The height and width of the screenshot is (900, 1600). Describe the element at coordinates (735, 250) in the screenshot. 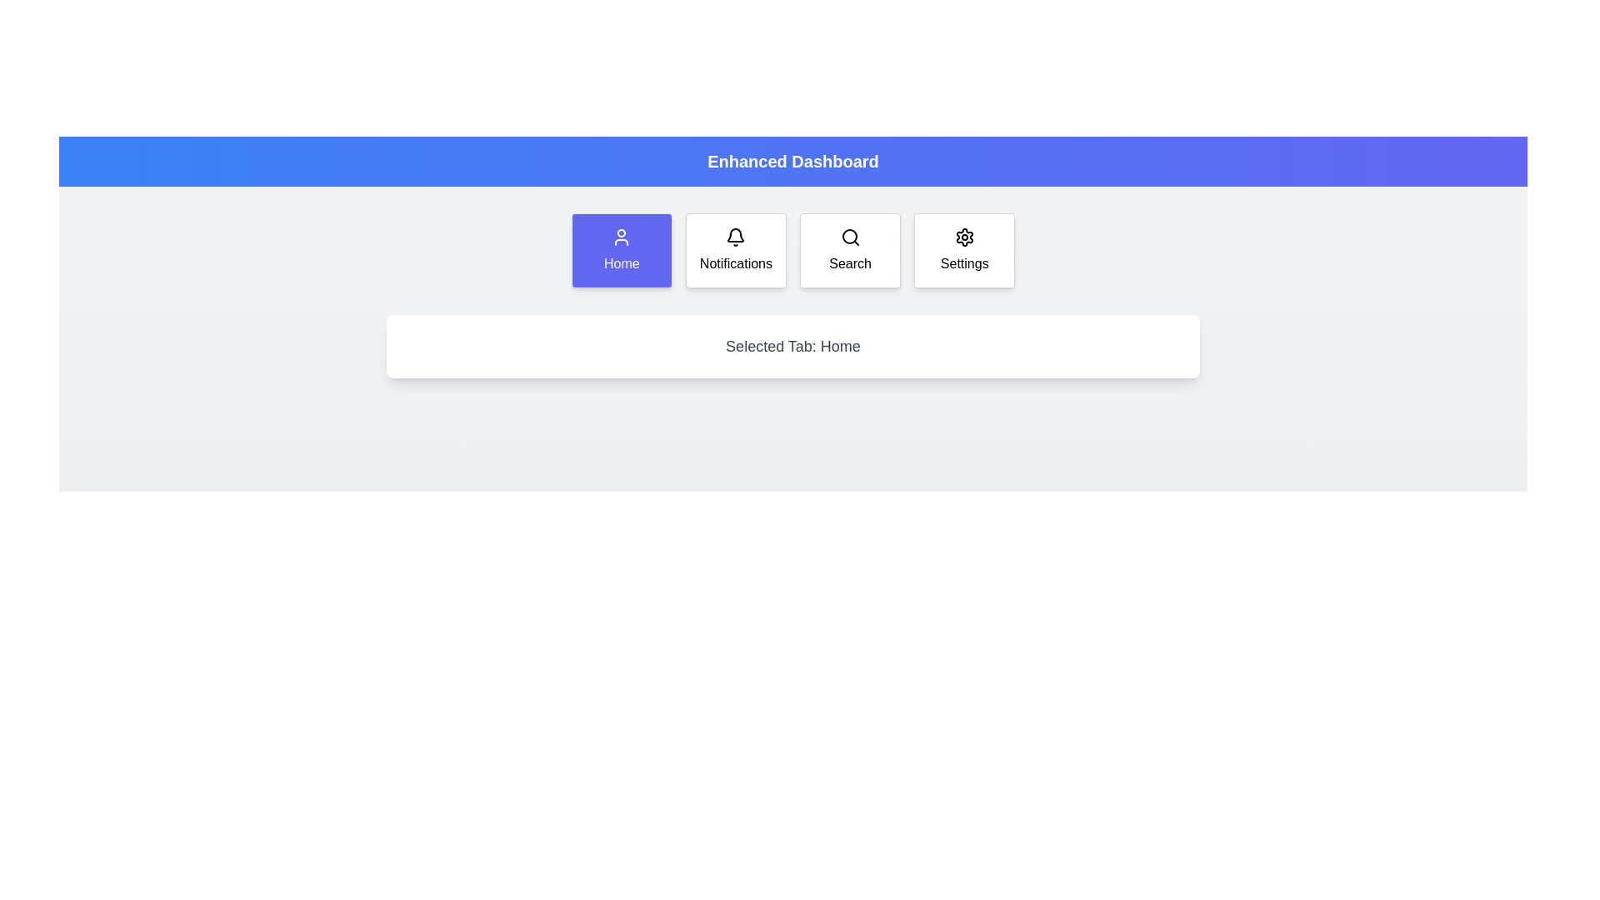

I see `the 'Notifications' button, which is the second button in a horizontal group of four buttons labeled 'Home', 'Notifications', 'Search', and 'Settings', to trigger visual feedback` at that location.